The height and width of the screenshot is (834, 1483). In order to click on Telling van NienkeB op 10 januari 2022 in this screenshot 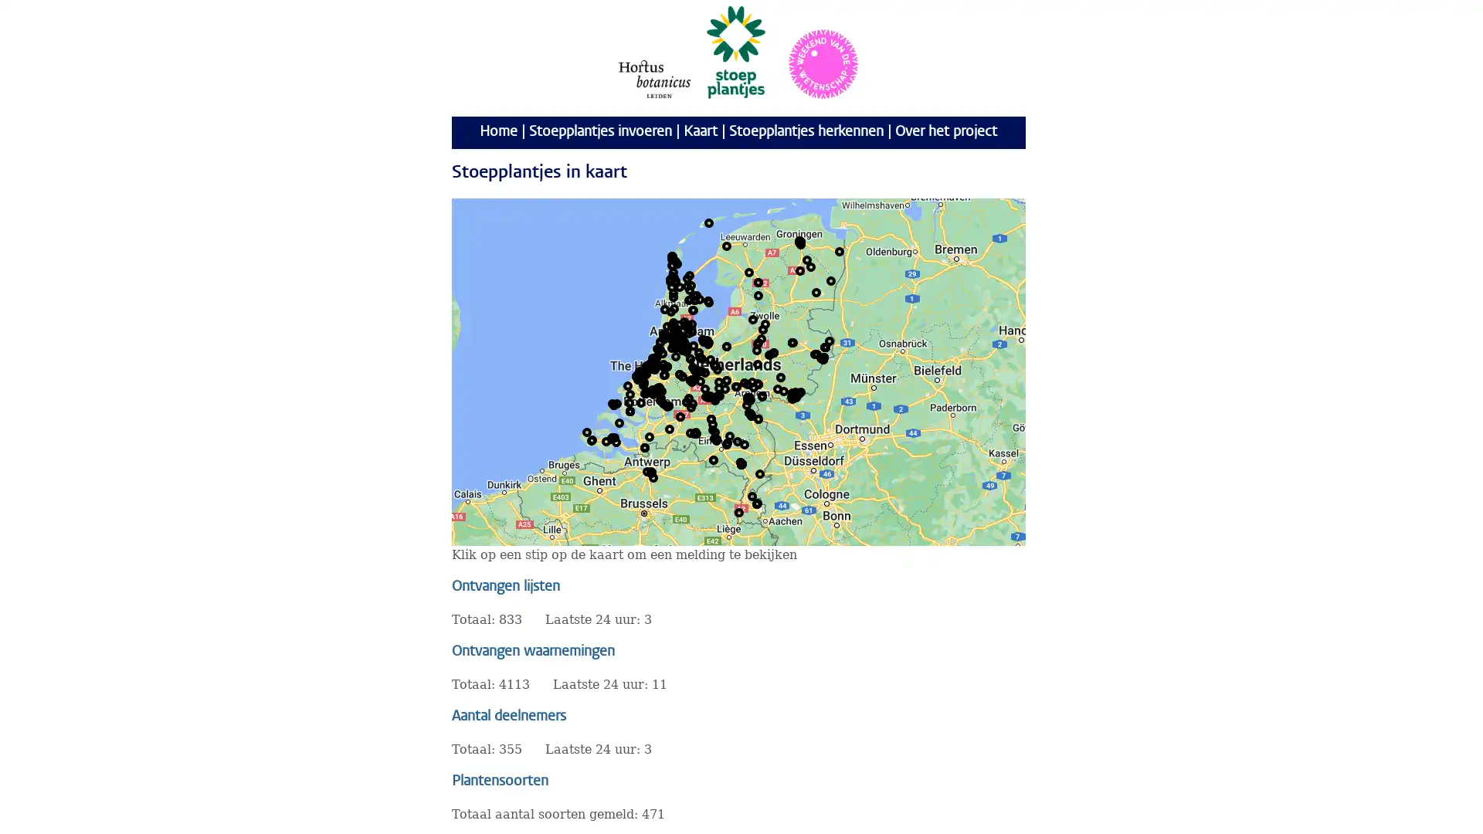, I will do `click(672, 324)`.